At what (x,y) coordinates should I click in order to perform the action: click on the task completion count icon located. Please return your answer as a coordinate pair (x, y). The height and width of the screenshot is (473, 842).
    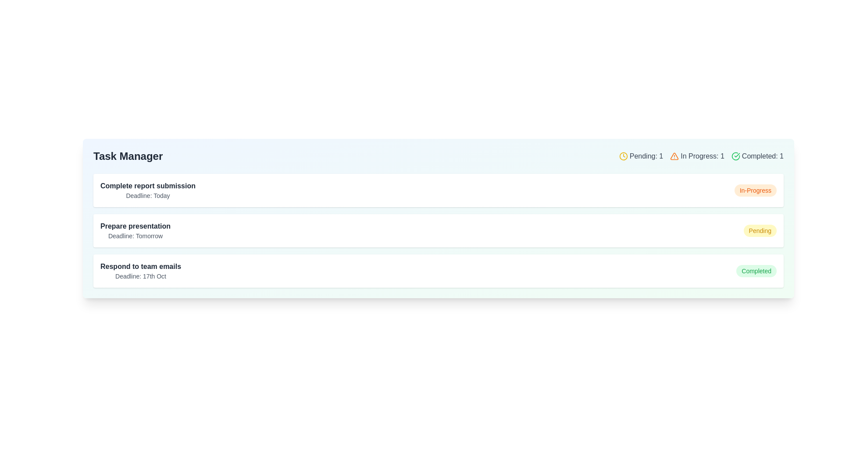
    Looking at the image, I should click on (735, 156).